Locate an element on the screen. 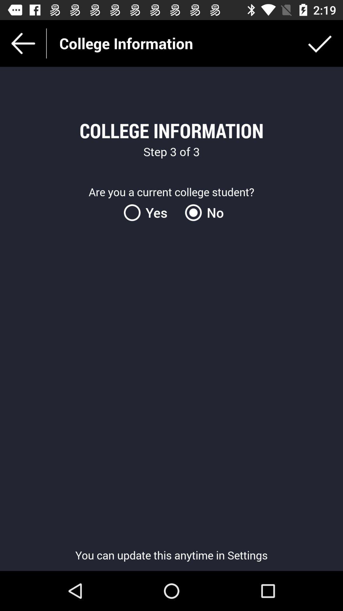  the check icon is located at coordinates (319, 43).